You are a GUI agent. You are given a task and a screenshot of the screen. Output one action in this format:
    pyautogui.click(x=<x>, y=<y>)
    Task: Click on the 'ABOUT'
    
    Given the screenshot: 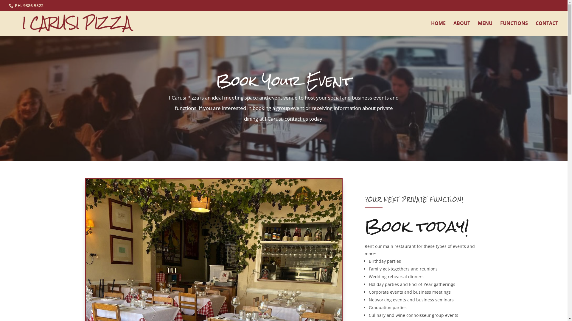 What is the action you would take?
    pyautogui.click(x=453, y=28)
    